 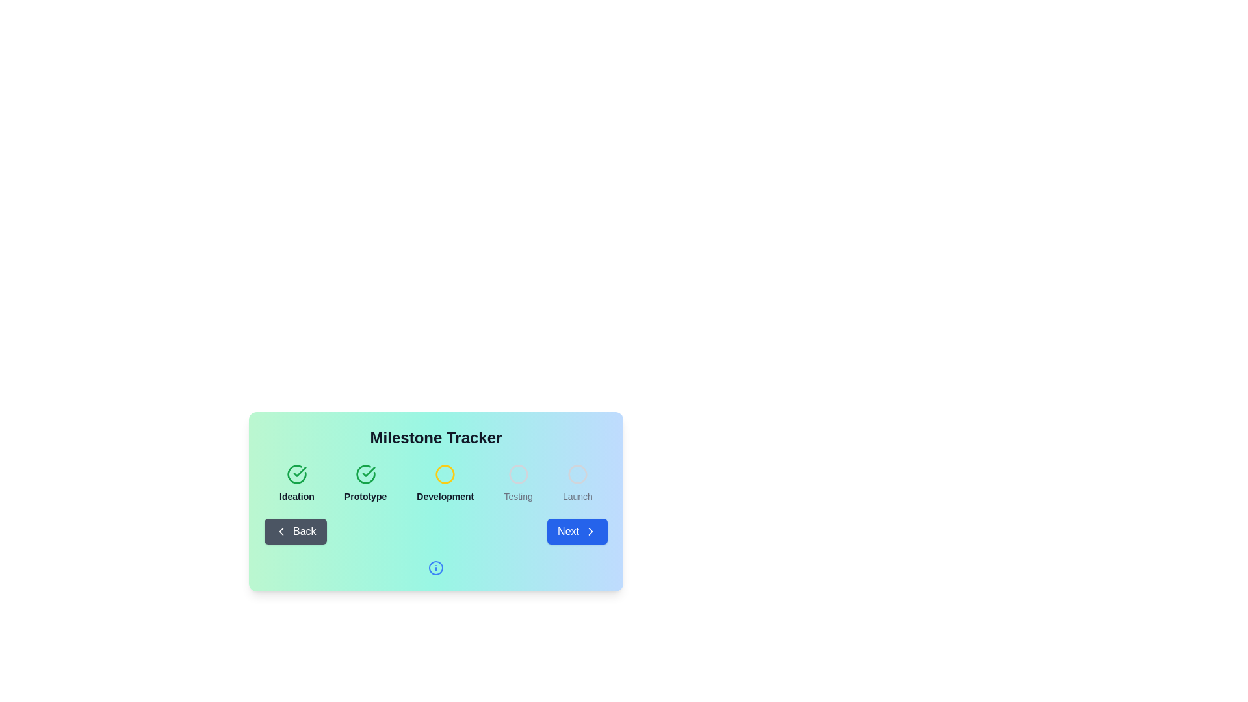 What do you see at coordinates (296, 496) in the screenshot?
I see `the 'Ideation' text label, which is styled with a small, bold font and located under a green check mark icon in the milestone tracker interface` at bounding box center [296, 496].